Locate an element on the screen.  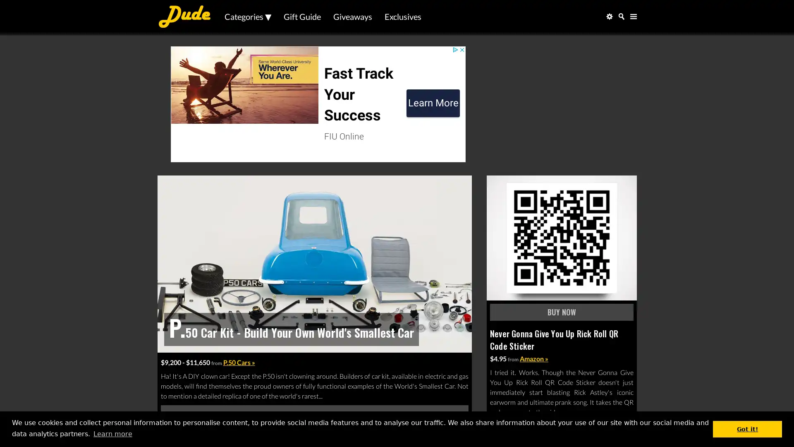
learn more about cookies is located at coordinates (112, 433).